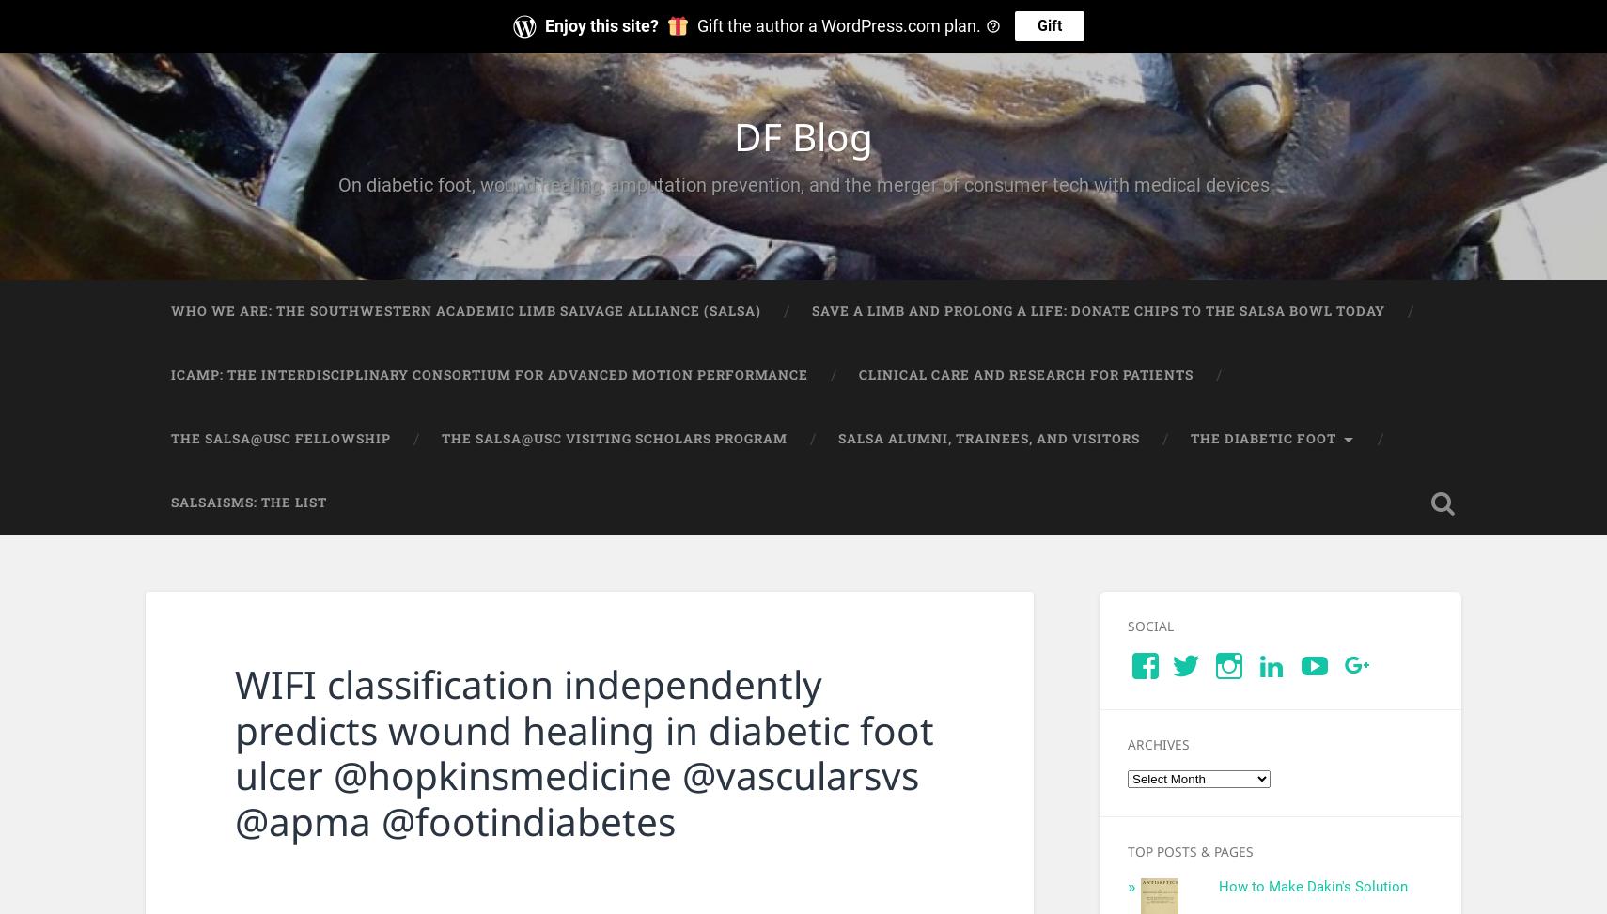 This screenshot has width=1607, height=914. What do you see at coordinates (584, 751) in the screenshot?
I see `'WIFI classification independently predicts wound healing in diabetic foot ulcer @hopkinsmedicine @vascularsvs @apma @footindiabetes'` at bounding box center [584, 751].